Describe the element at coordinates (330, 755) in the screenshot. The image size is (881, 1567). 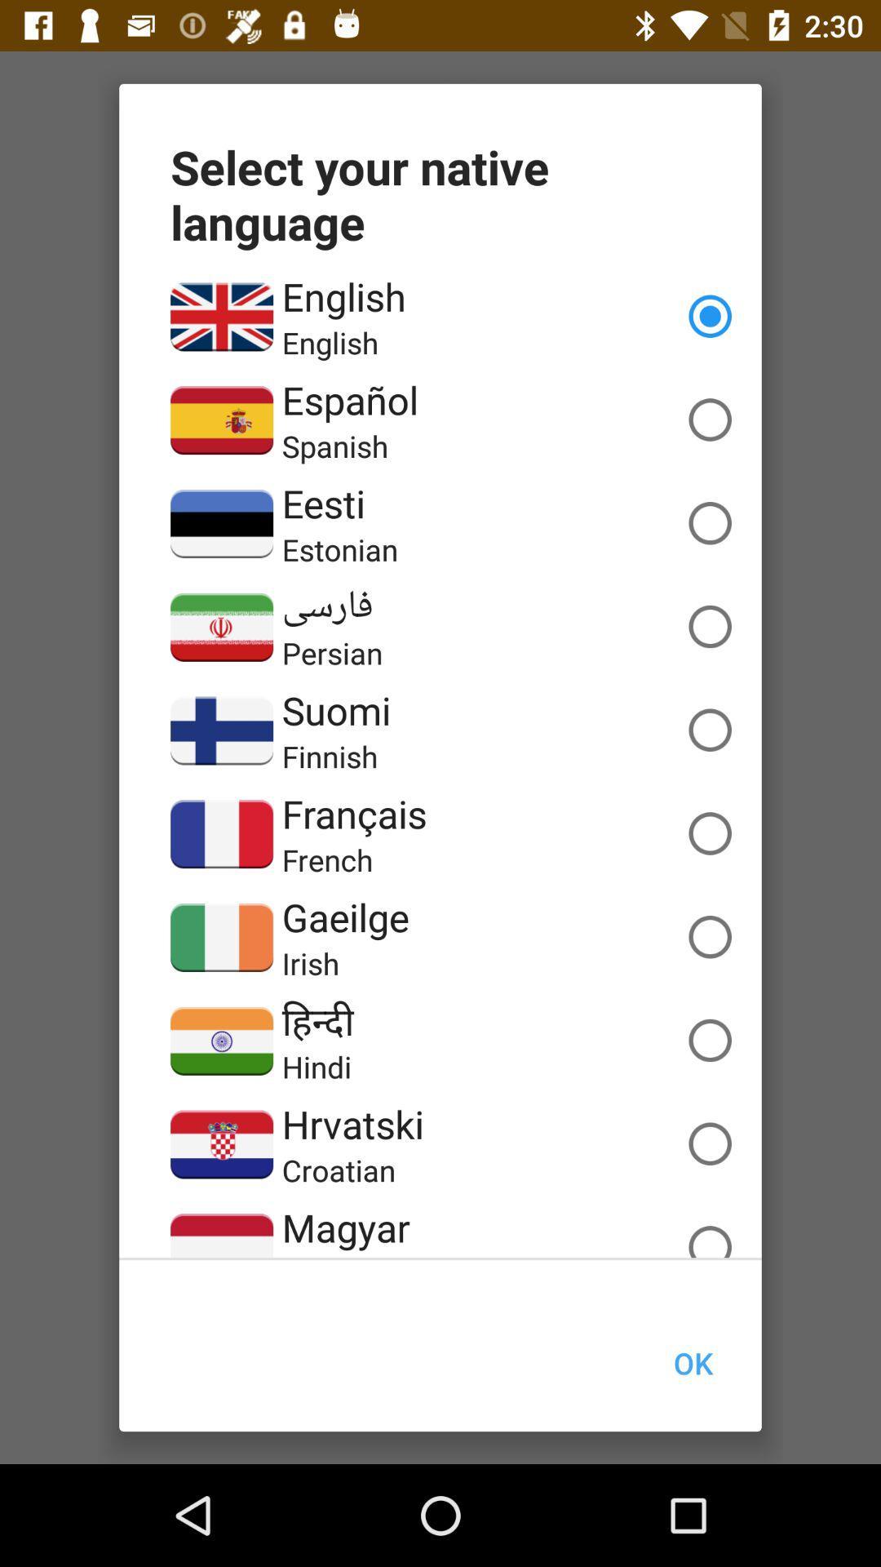
I see `the item below the suomi` at that location.